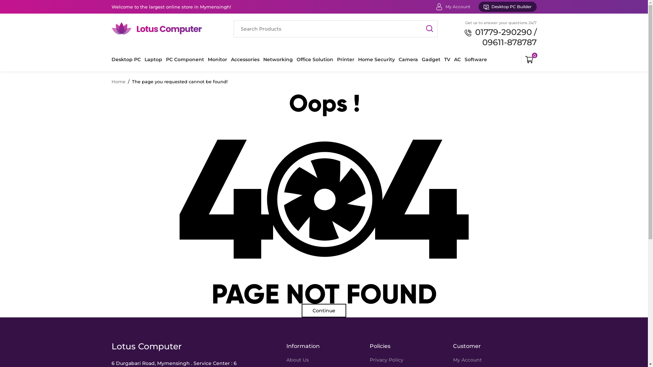 The width and height of the screenshot is (653, 367). What do you see at coordinates (475, 59) in the screenshot?
I see `'Software'` at bounding box center [475, 59].